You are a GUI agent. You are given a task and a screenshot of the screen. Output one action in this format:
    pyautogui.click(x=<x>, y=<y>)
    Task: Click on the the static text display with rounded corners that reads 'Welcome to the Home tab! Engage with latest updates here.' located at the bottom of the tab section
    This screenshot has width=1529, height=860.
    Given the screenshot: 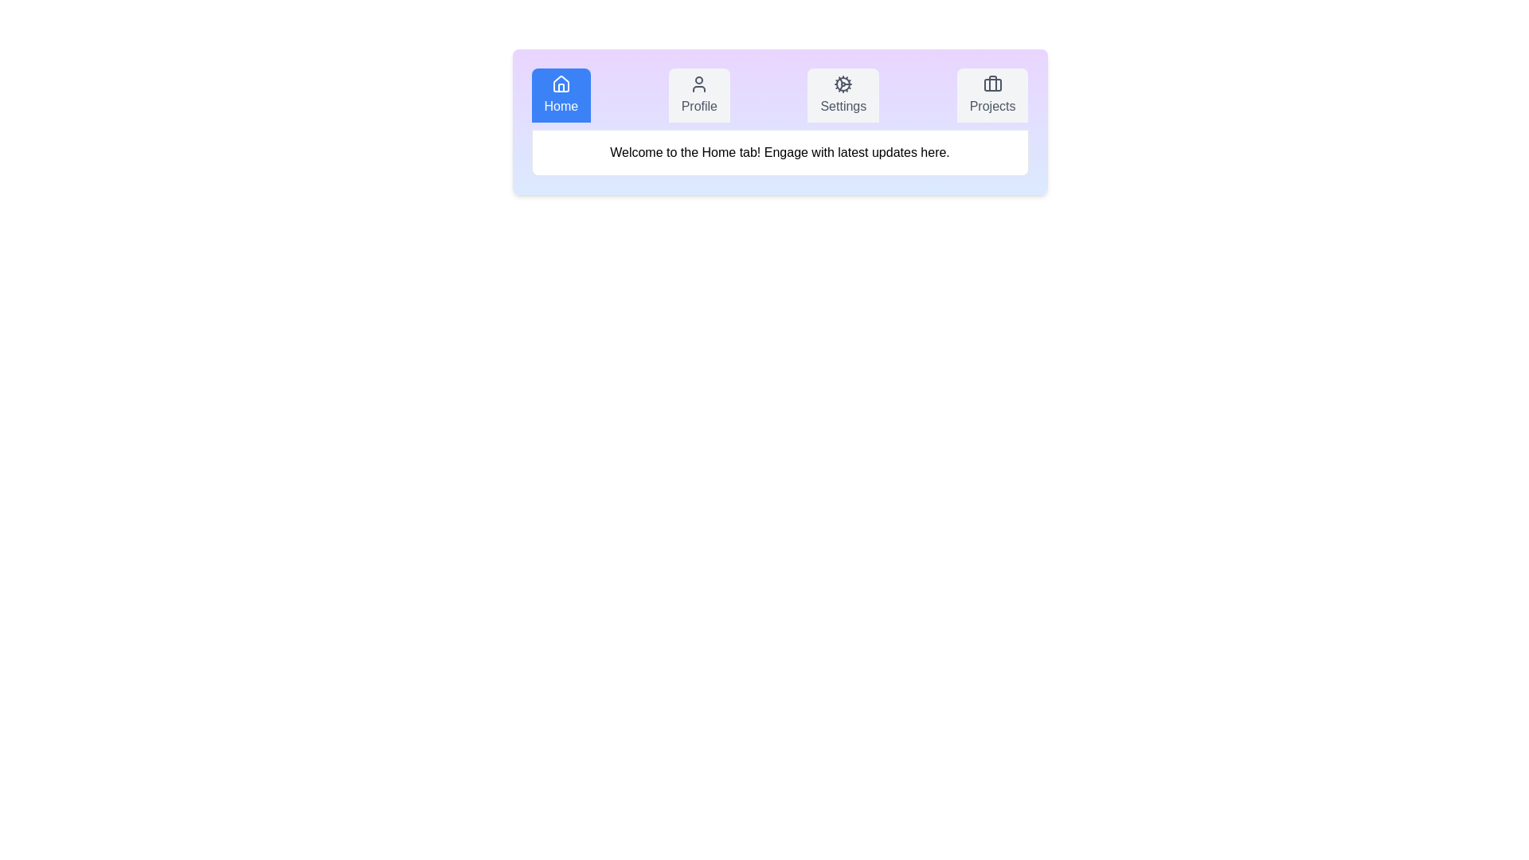 What is the action you would take?
    pyautogui.click(x=780, y=153)
    